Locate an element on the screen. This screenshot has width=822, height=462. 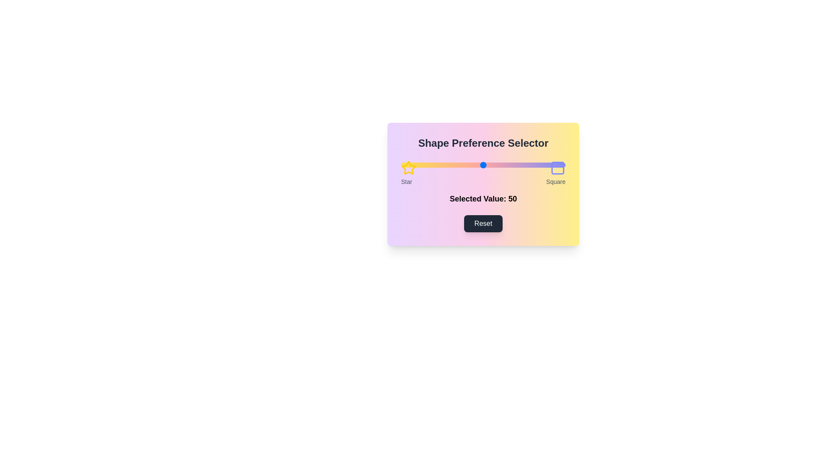
the slider to set the preference value to 24 is located at coordinates (441, 165).